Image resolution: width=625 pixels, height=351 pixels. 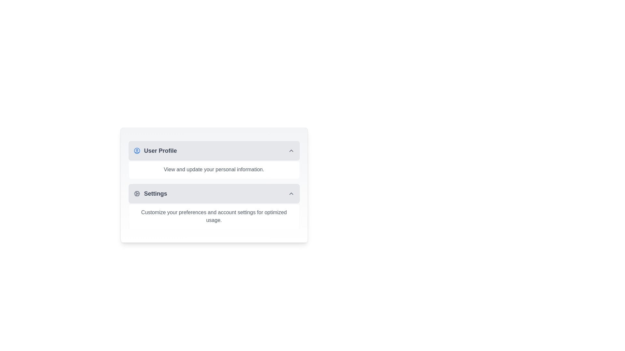 What do you see at coordinates (136, 193) in the screenshot?
I see `the decorative vector graphic component of the gear icon that symbolizes settings, located to the left of the 'Settings' label within the 'Settings' section` at bounding box center [136, 193].